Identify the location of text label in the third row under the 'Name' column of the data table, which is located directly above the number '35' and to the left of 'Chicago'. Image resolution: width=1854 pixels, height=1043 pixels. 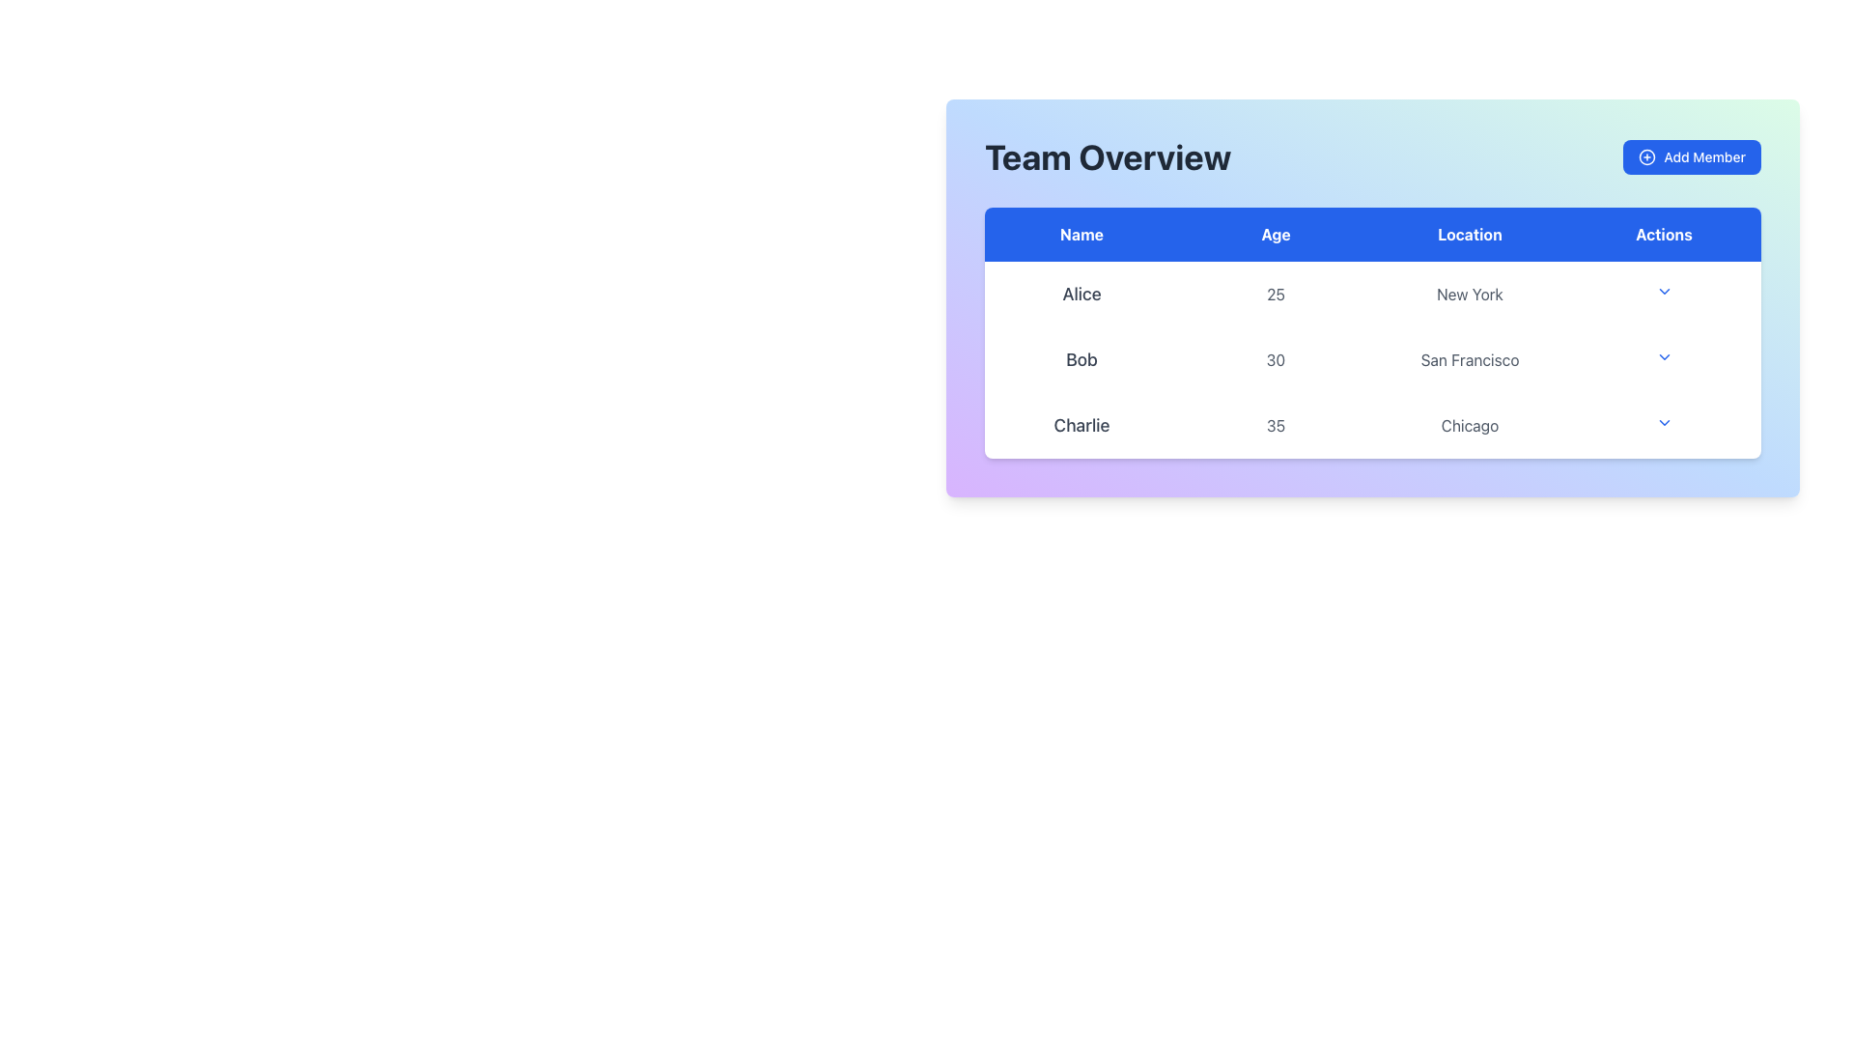
(1081, 424).